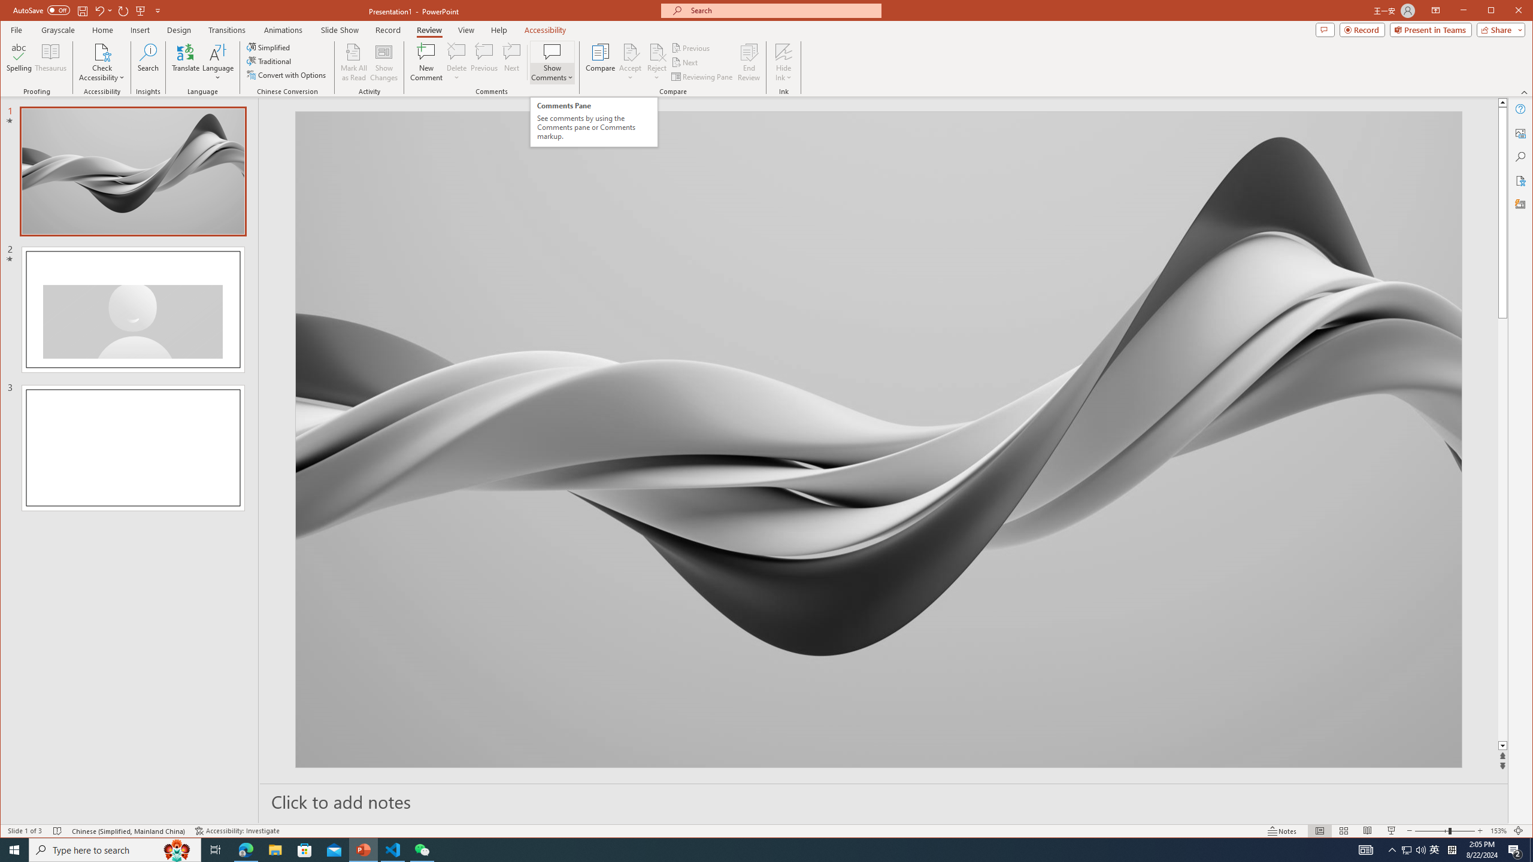 This screenshot has height=862, width=1533. I want to click on 'Convert with Options...', so click(287, 75).